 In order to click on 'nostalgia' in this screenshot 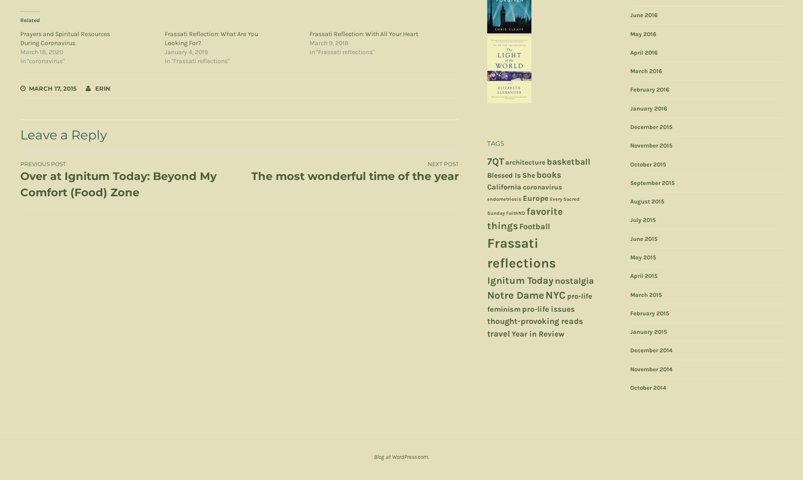, I will do `click(574, 280)`.